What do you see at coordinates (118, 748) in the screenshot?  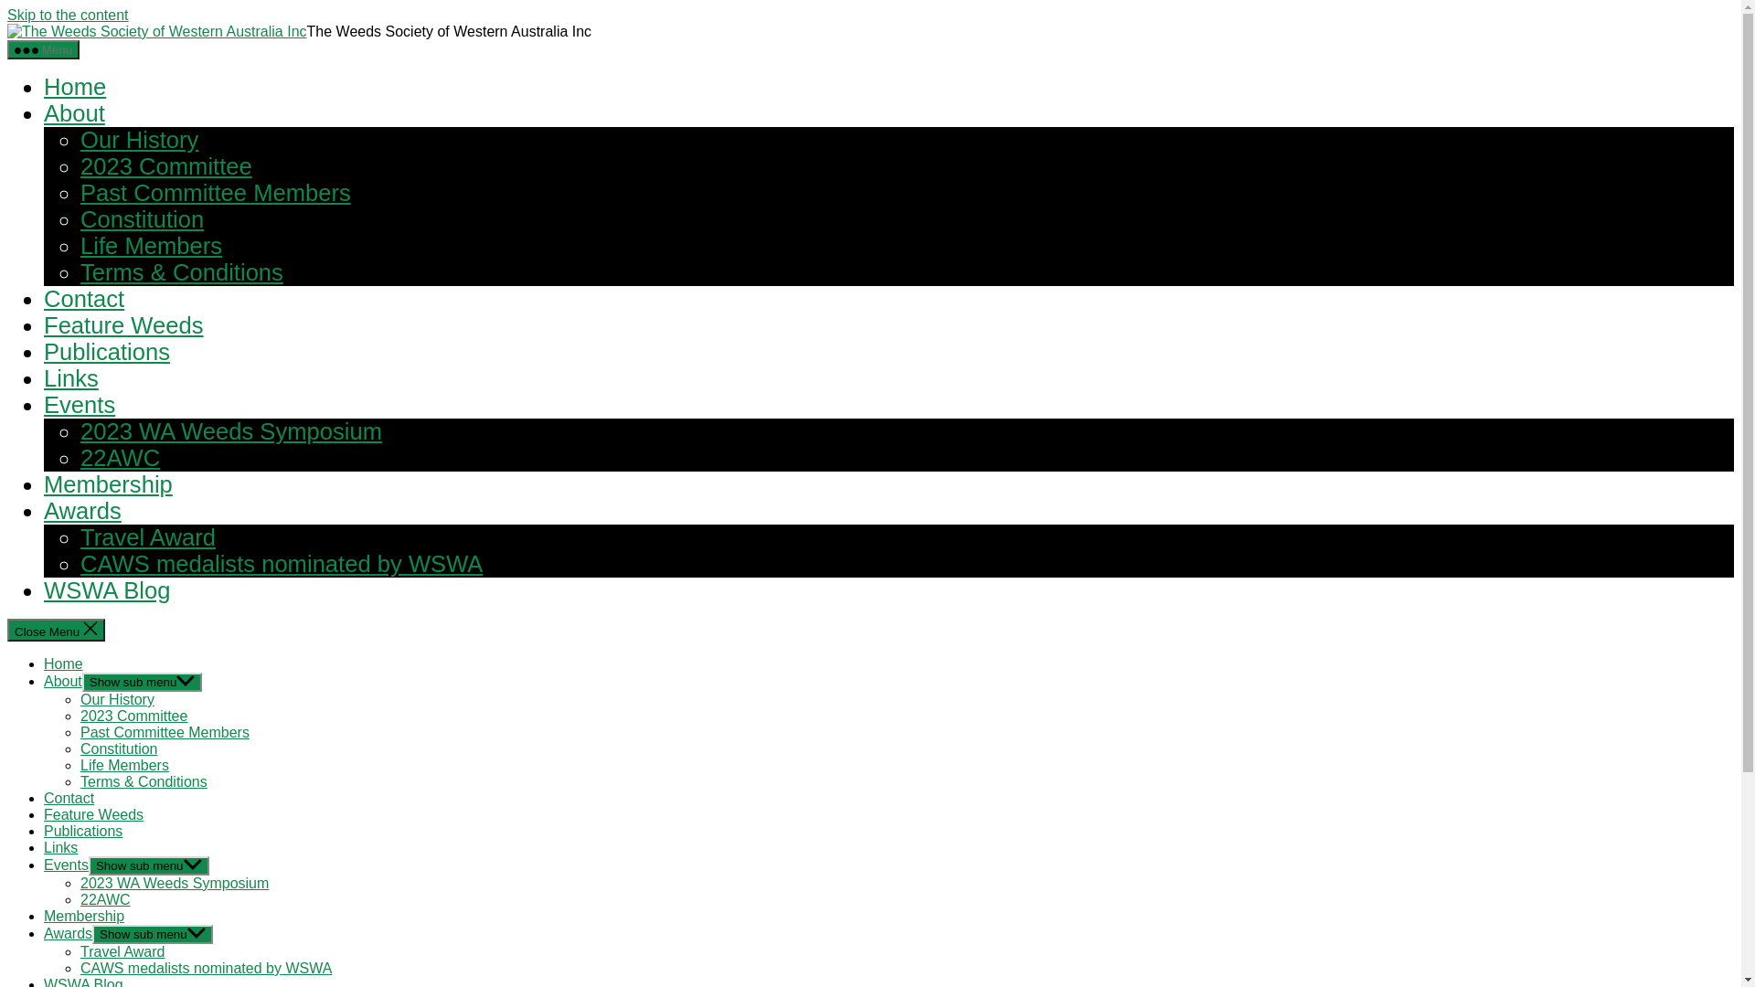 I see `'Constitution'` at bounding box center [118, 748].